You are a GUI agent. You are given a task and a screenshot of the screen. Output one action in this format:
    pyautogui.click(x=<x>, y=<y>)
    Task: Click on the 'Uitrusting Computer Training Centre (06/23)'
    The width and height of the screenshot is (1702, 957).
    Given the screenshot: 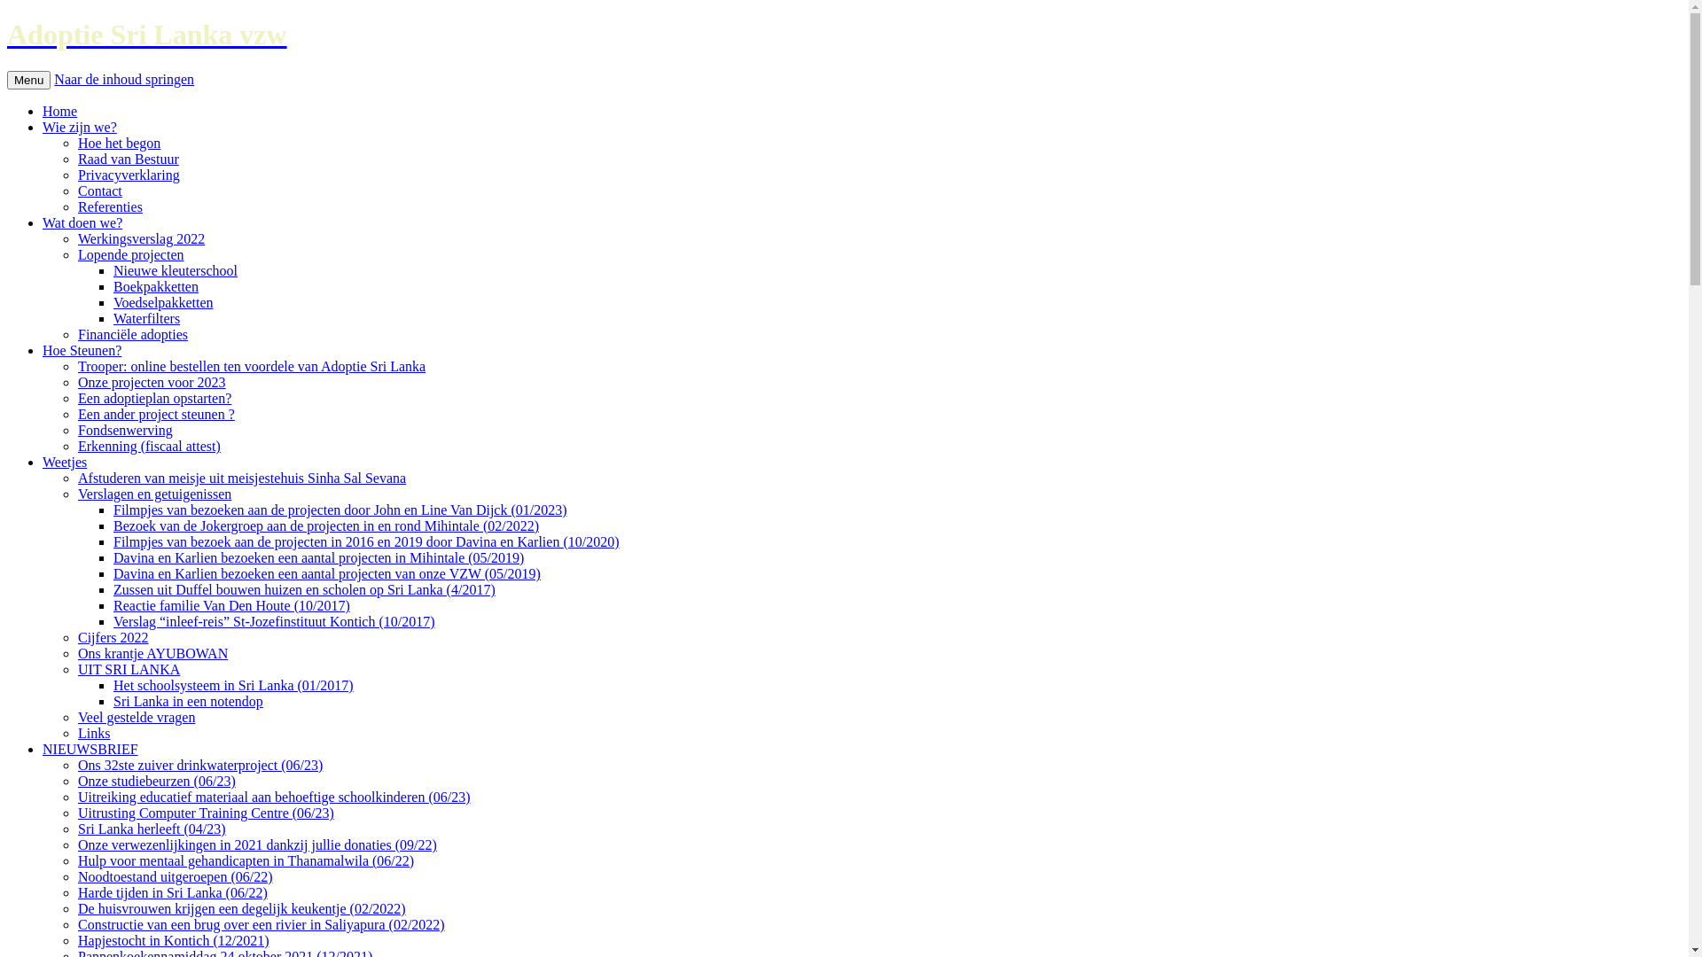 What is the action you would take?
    pyautogui.click(x=206, y=813)
    